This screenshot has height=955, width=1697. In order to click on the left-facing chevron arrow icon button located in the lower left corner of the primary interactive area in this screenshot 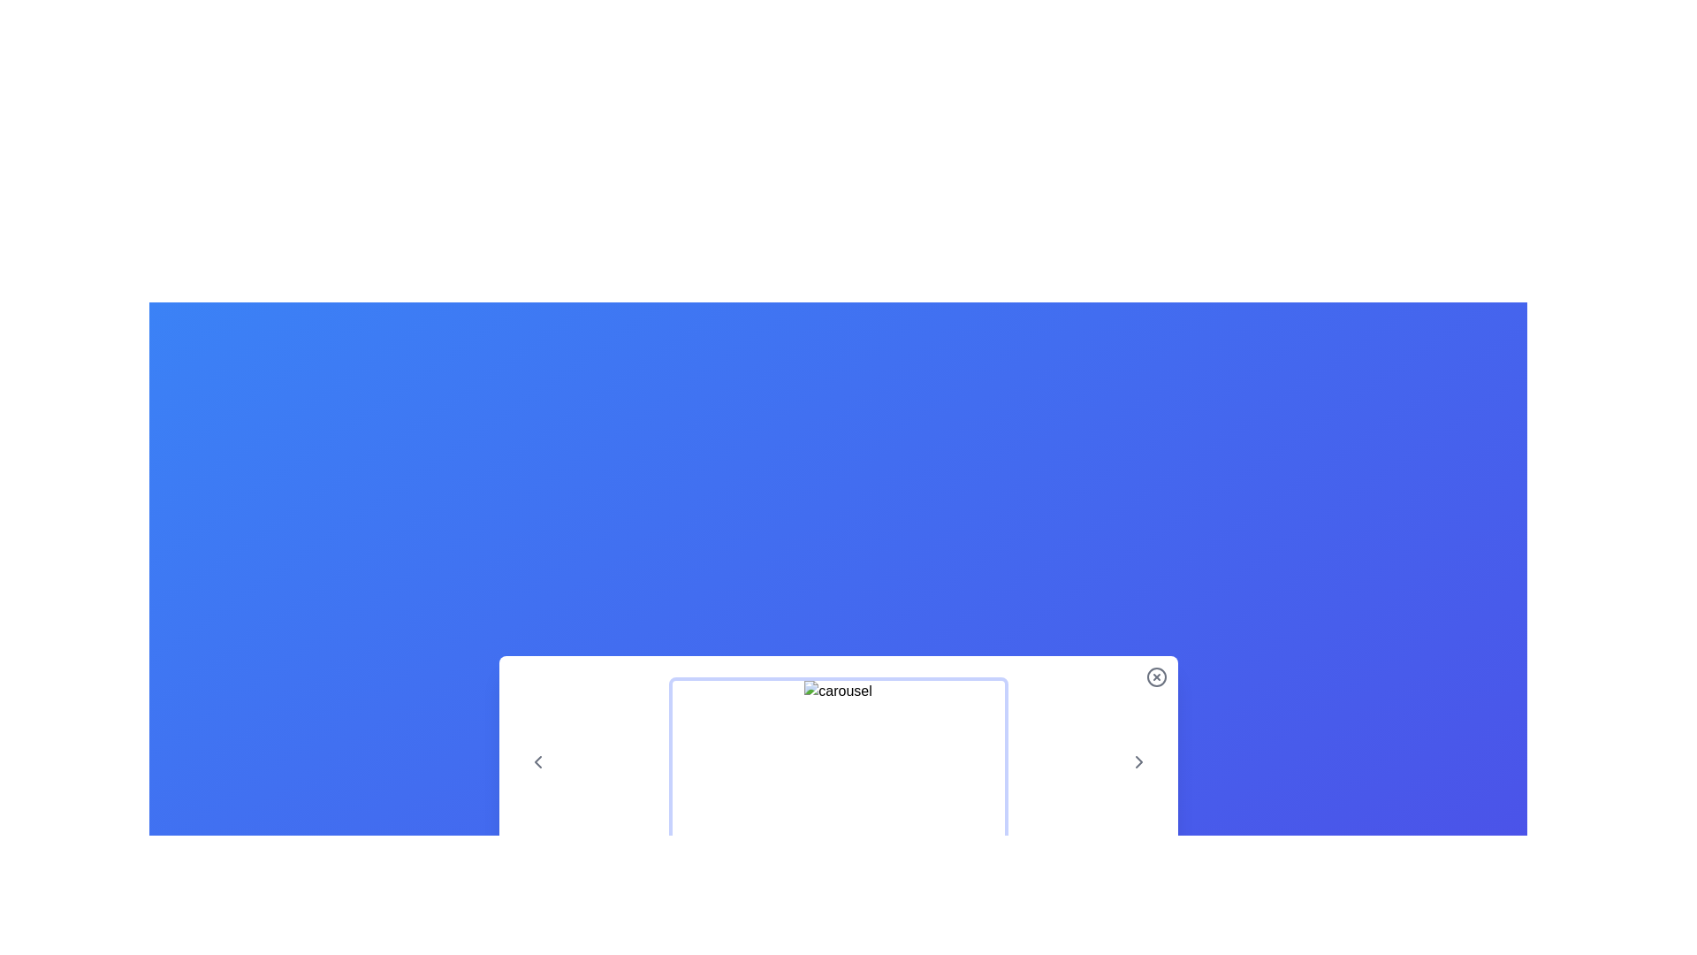, I will do `click(536, 760)`.